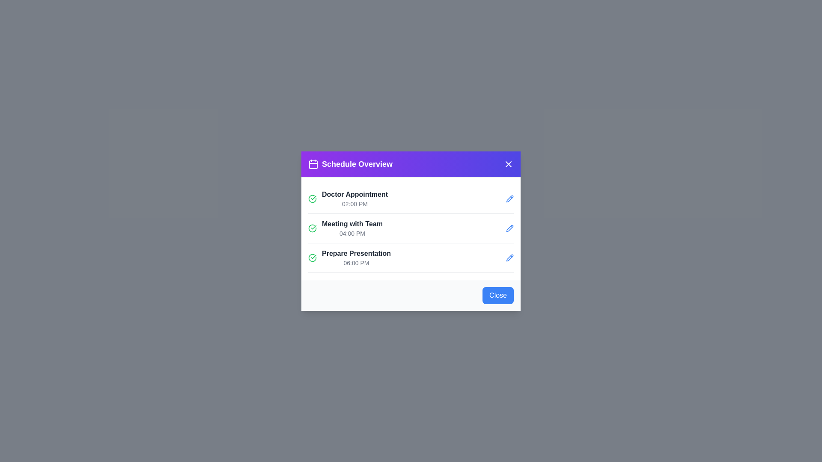 The width and height of the screenshot is (822, 462). Describe the element at coordinates (313, 164) in the screenshot. I see `the calendar icon located on the left side of the header section labeled 'Schedule Overview', which symbolizes scheduling or organizing tasks` at that location.